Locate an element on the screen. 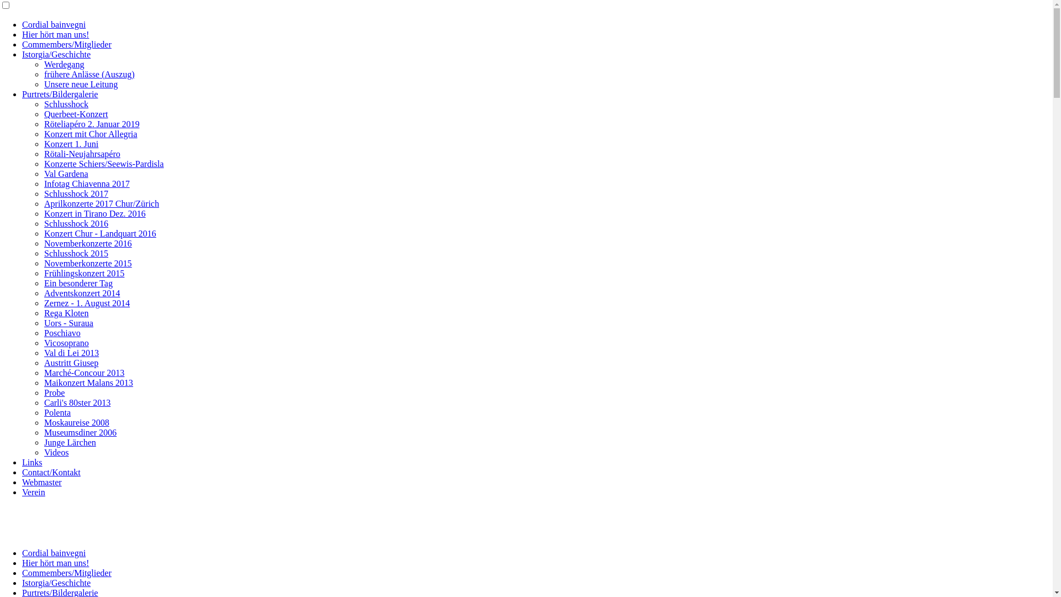 The height and width of the screenshot is (597, 1061). 'Val di Lei 2013' is located at coordinates (71, 353).